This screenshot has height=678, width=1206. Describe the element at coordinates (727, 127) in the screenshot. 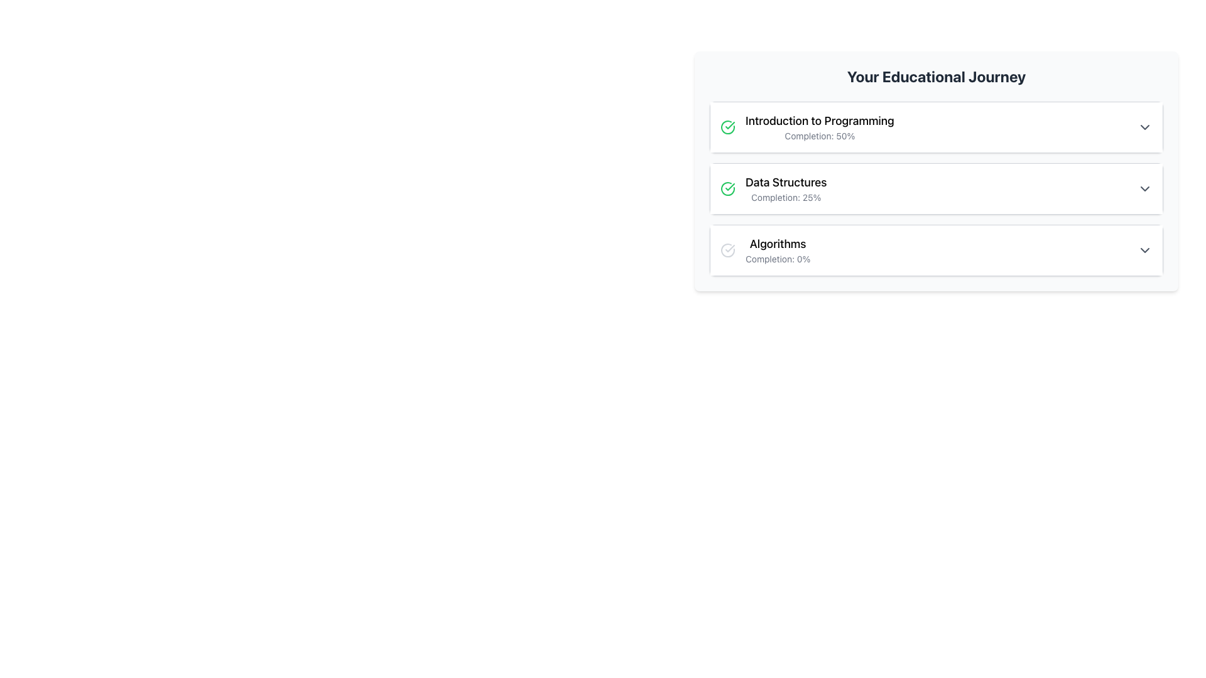

I see `the completion indicator icon located to the left of the 'Introduction to Programming' title in the 'Your Educational Journey' section` at that location.